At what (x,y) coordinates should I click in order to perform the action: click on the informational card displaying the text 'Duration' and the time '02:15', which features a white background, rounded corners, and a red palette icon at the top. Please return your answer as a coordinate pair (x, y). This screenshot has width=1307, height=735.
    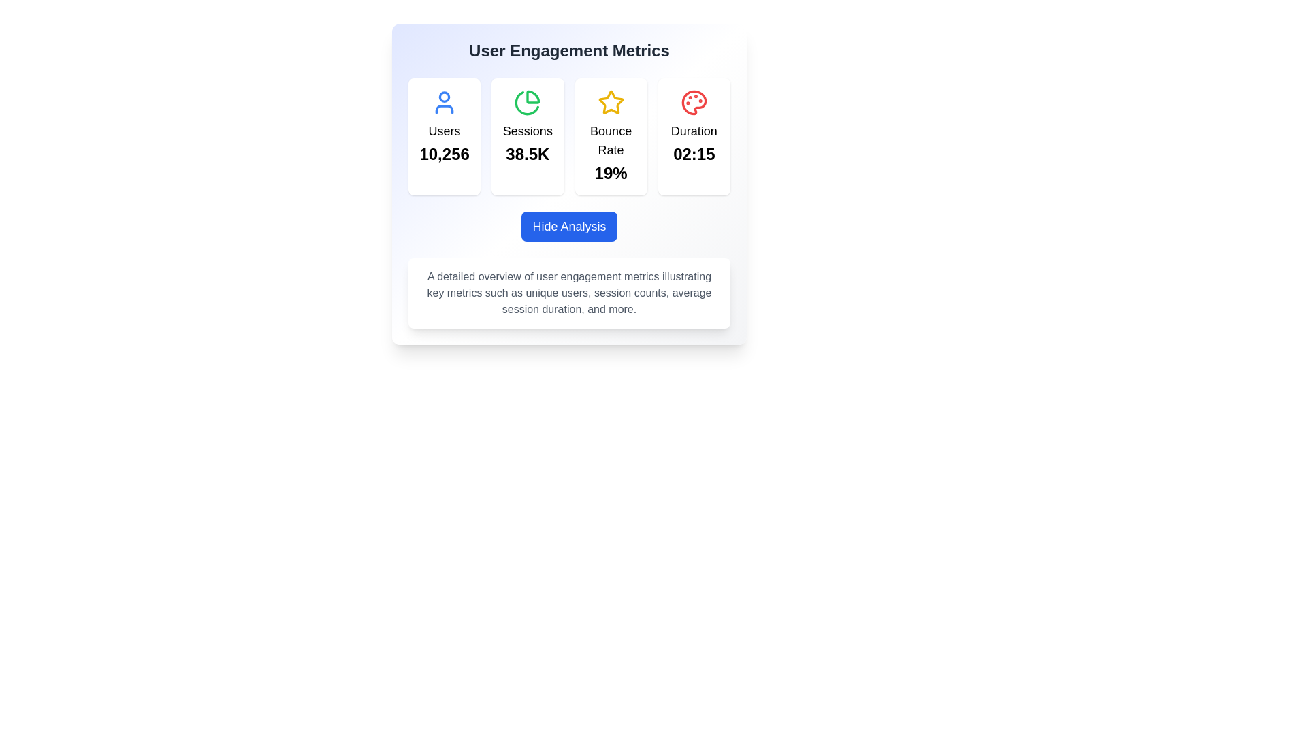
    Looking at the image, I should click on (694, 136).